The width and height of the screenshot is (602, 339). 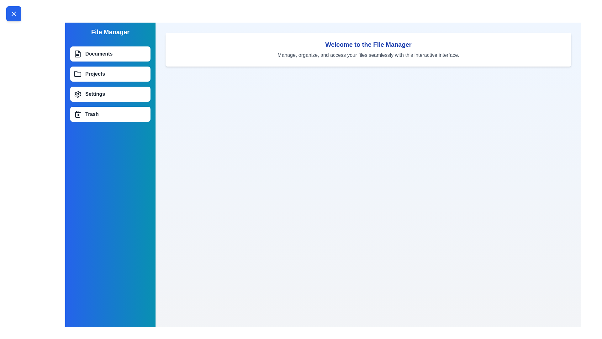 What do you see at coordinates (110, 73) in the screenshot?
I see `the menu item labeled Projects to select it` at bounding box center [110, 73].